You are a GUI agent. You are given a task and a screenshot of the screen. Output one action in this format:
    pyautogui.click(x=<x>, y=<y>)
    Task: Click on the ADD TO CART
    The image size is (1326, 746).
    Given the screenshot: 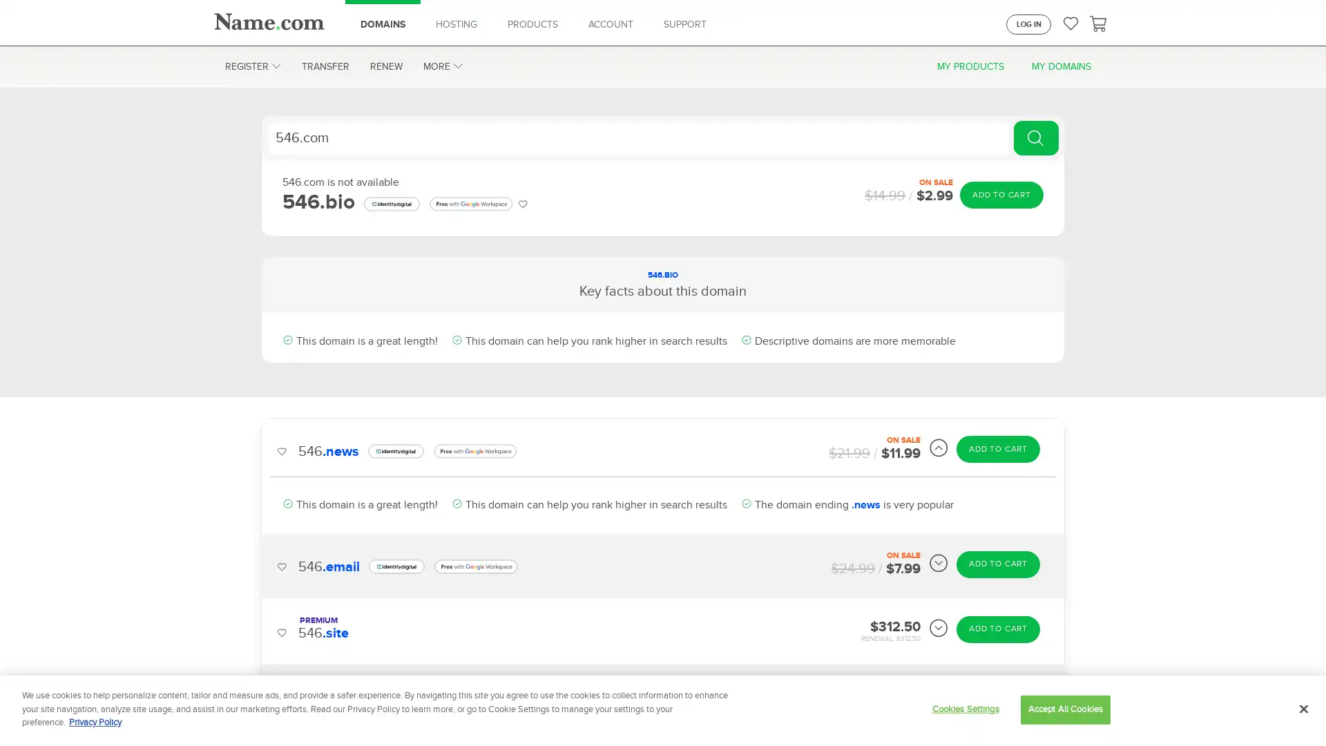 What is the action you would take?
    pyautogui.click(x=1001, y=194)
    